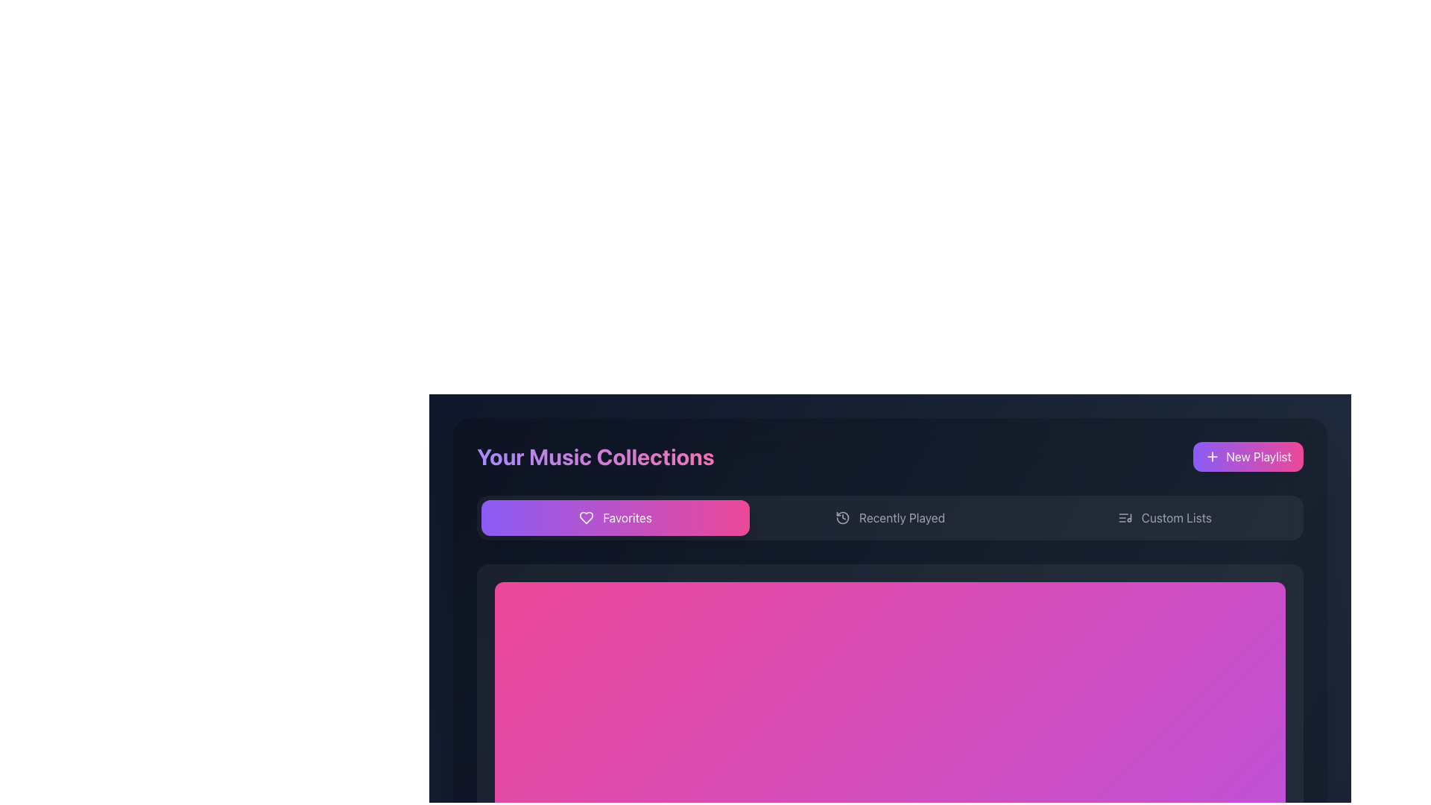  I want to click on the 'Recently Played' button, which is a rectangular button with a clockwise arrow icon, located in the navigation bar between 'Favorites' and 'Custom Lists', so click(890, 517).